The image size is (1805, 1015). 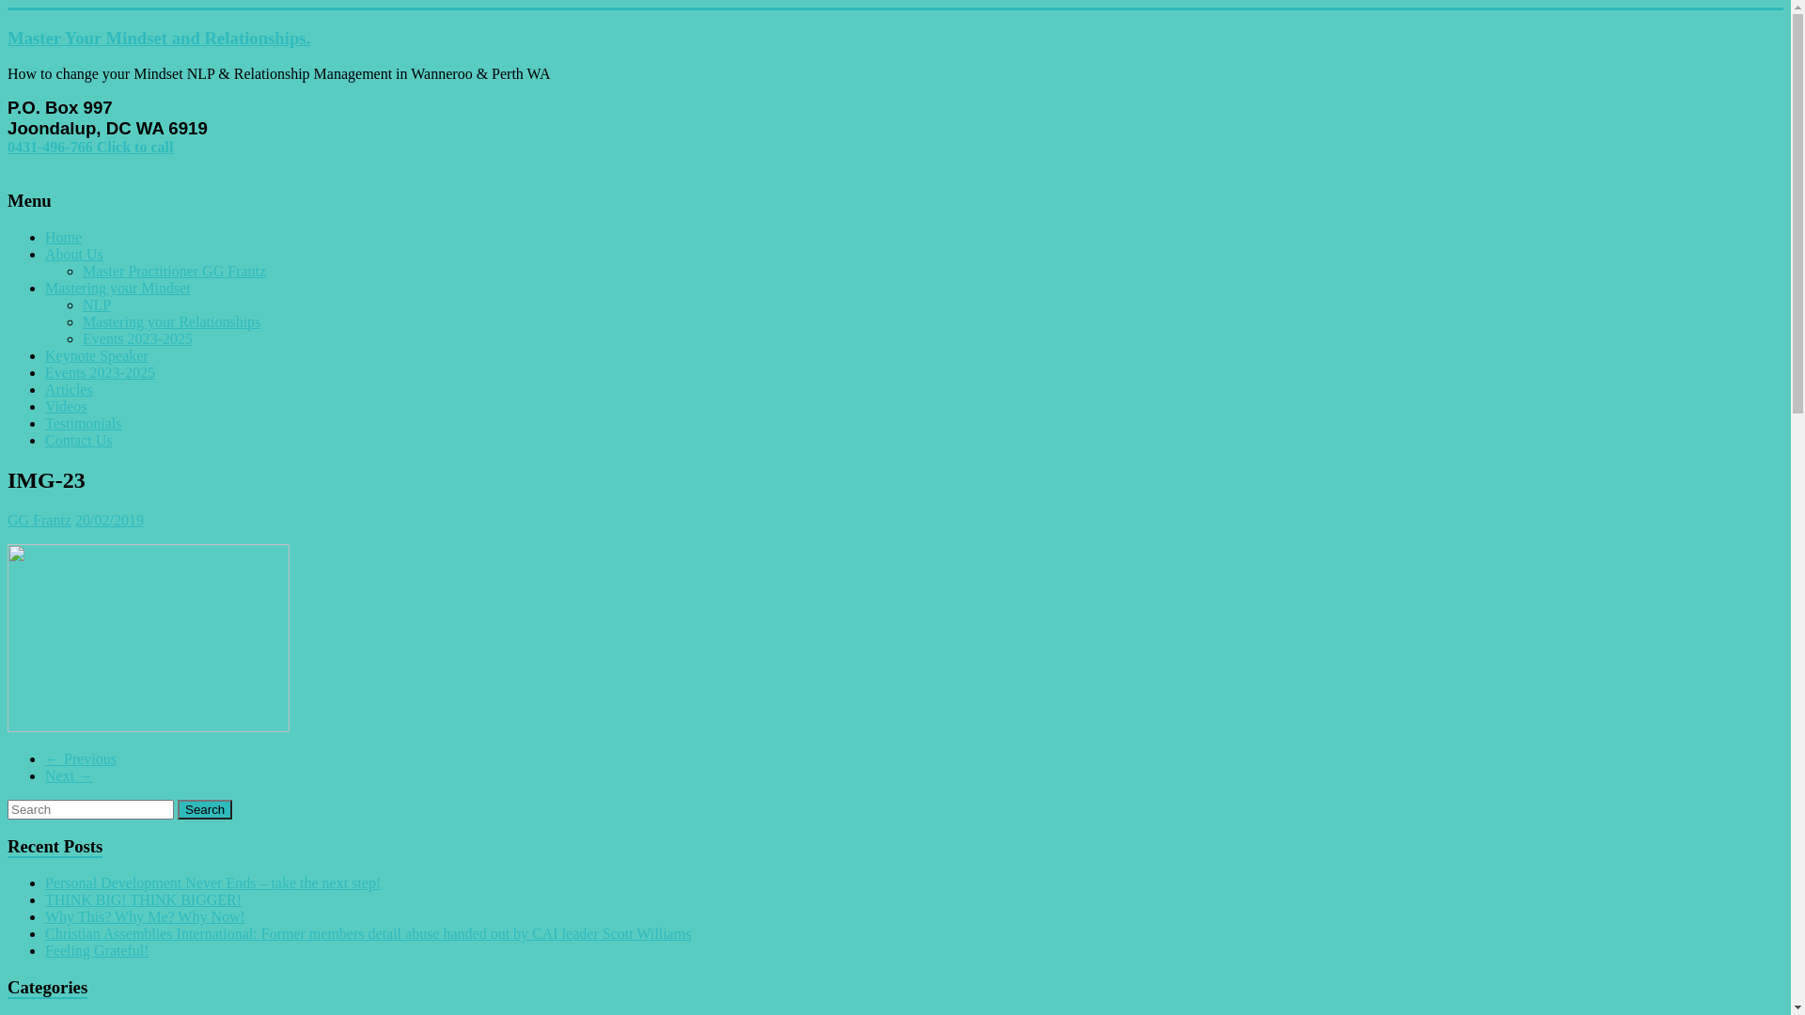 What do you see at coordinates (96, 950) in the screenshot?
I see `'Feeling Grateful!'` at bounding box center [96, 950].